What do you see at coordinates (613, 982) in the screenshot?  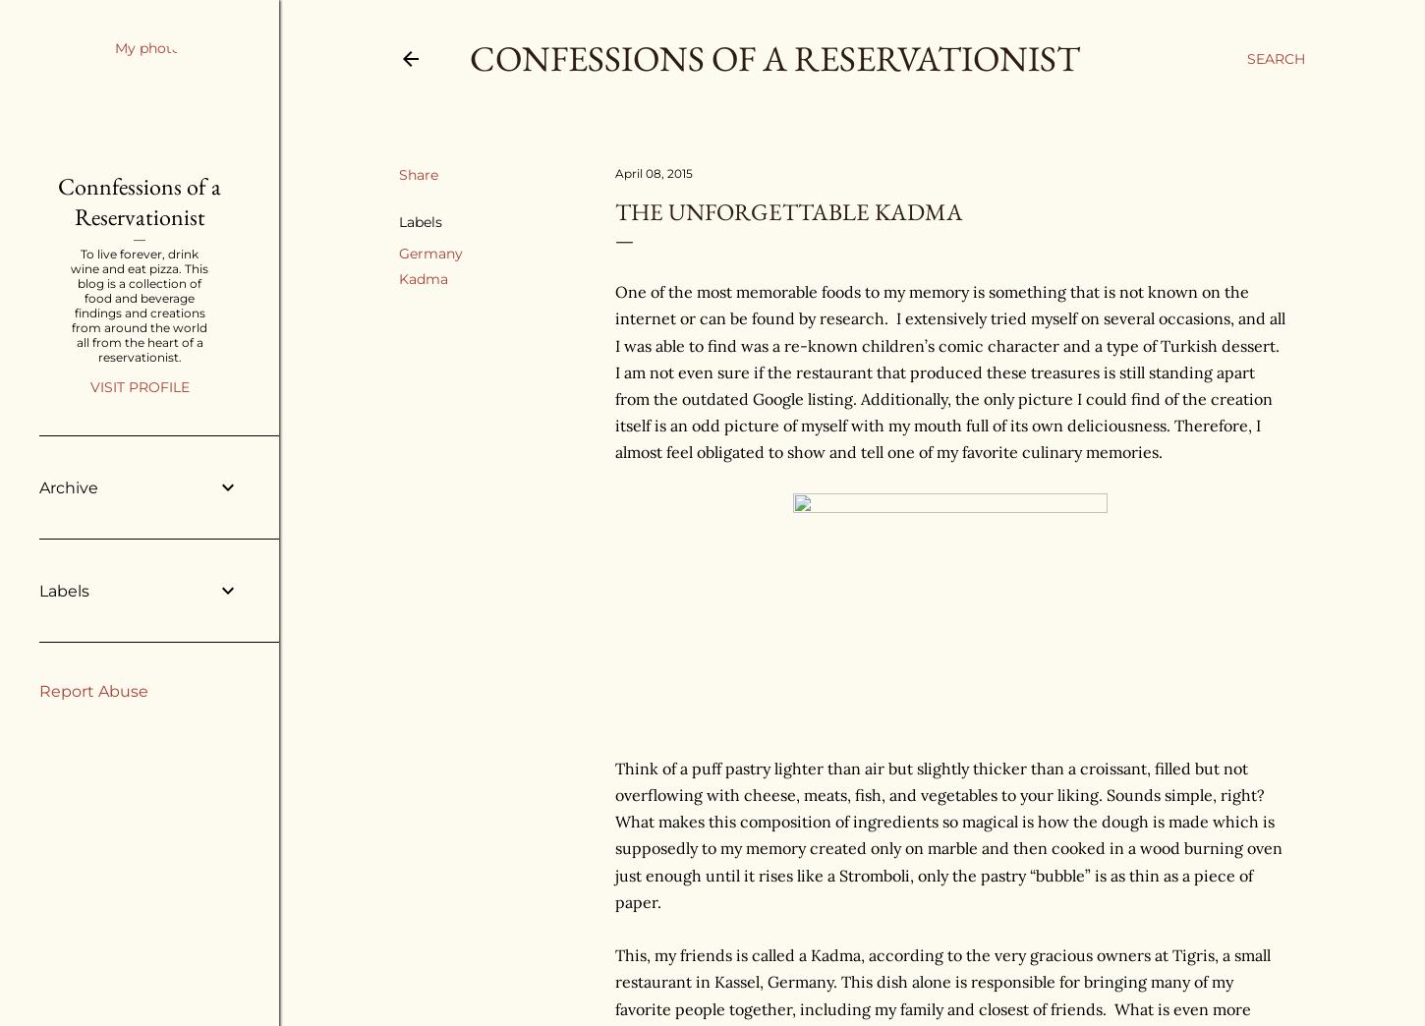 I see `'This, my friends is called a Kadma, according to the very gracious
owners at Tigris, a small restaurant in Kassel, Germany. This dish alone is
responsible for bringing many of my favorite people together, including my
family and closest of friends.'` at bounding box center [613, 982].